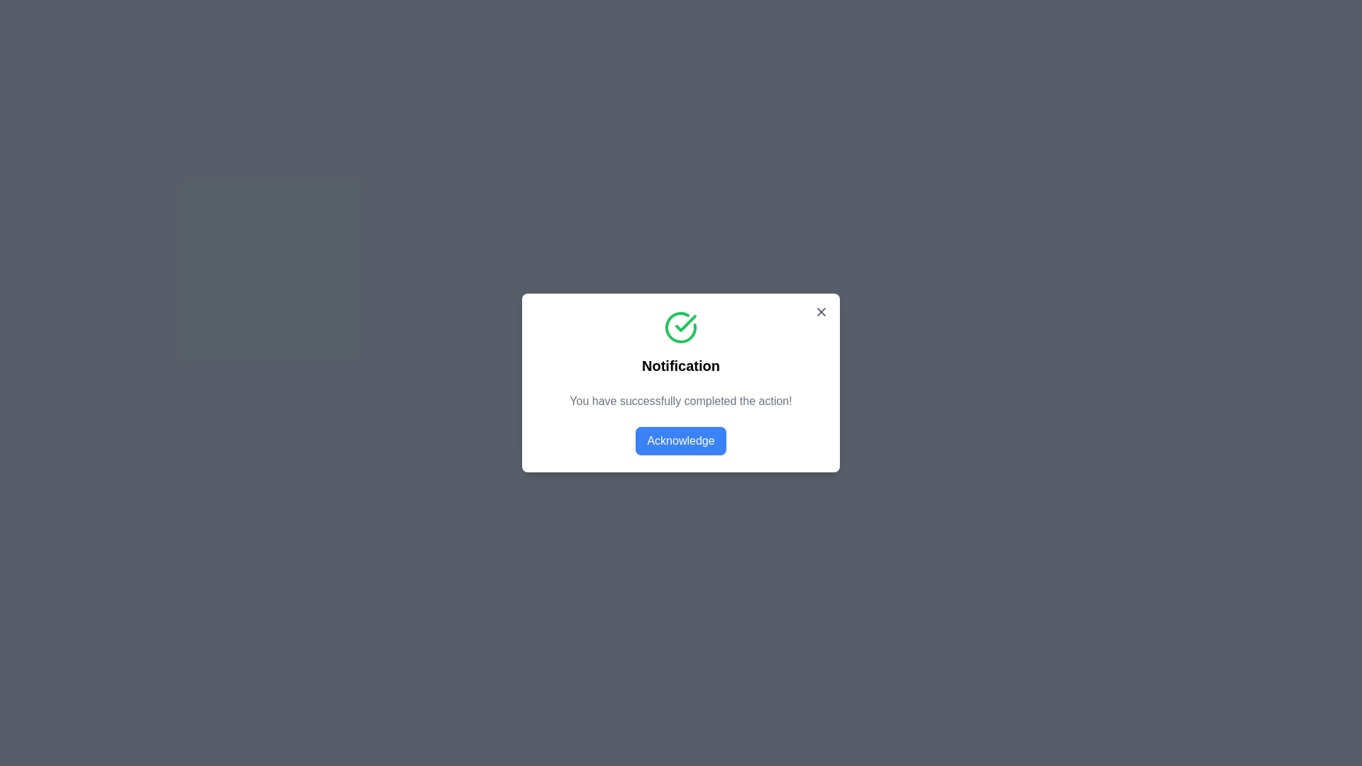 The height and width of the screenshot is (766, 1362). I want to click on the green circular icon containing a checkmark, which indicates success, so click(685, 323).